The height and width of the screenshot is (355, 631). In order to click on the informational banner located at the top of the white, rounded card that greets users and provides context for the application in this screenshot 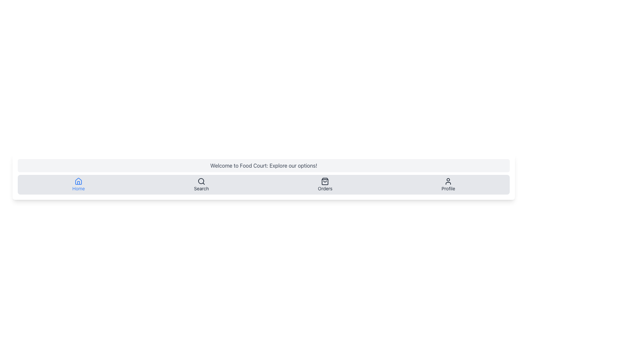, I will do `click(264, 165)`.